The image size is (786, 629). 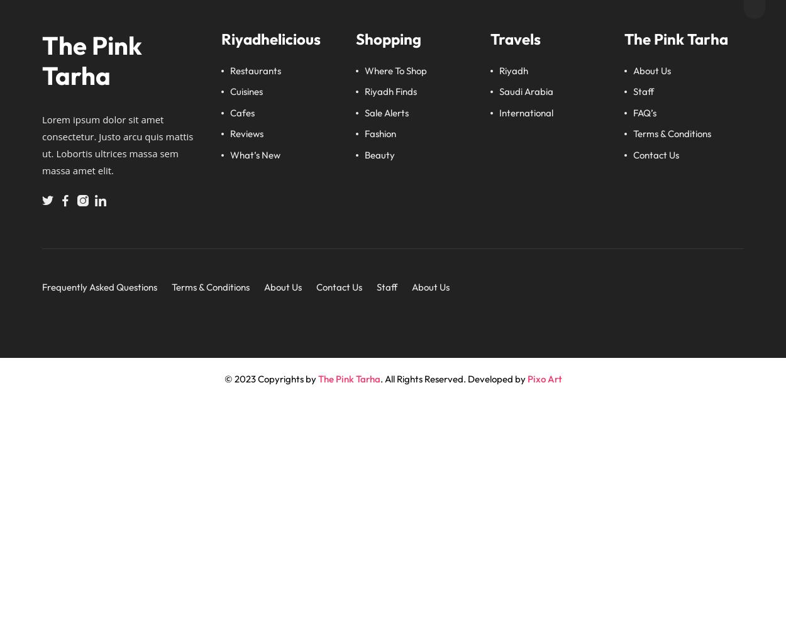 I want to click on 'Food', so click(x=424, y=49).